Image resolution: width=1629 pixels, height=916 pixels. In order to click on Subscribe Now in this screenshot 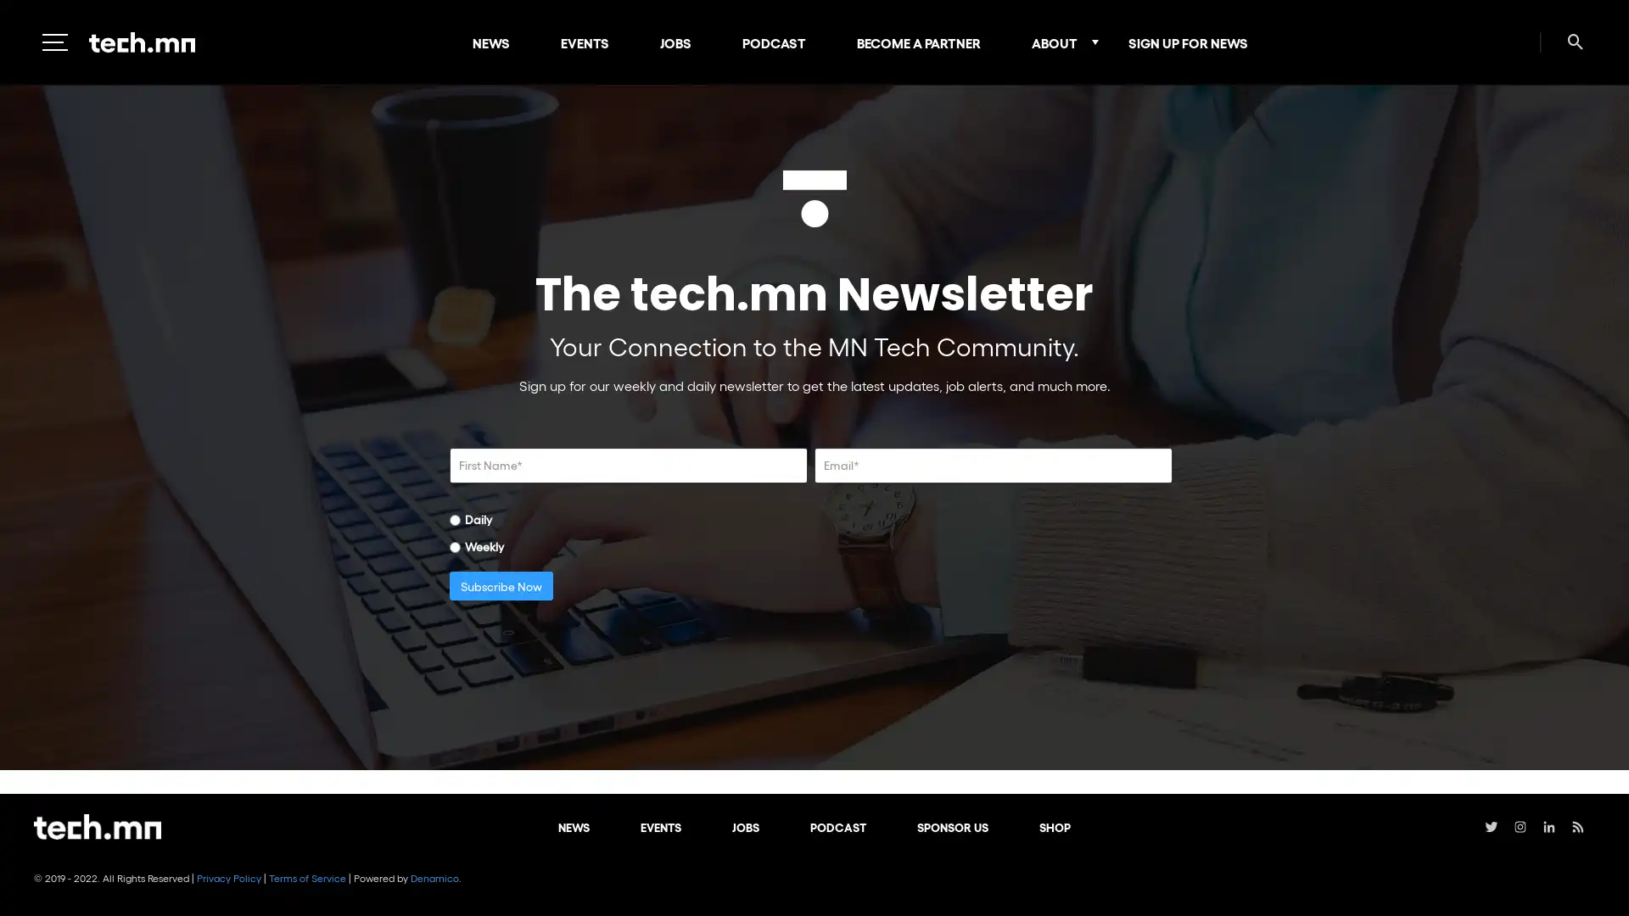, I will do `click(500, 584)`.